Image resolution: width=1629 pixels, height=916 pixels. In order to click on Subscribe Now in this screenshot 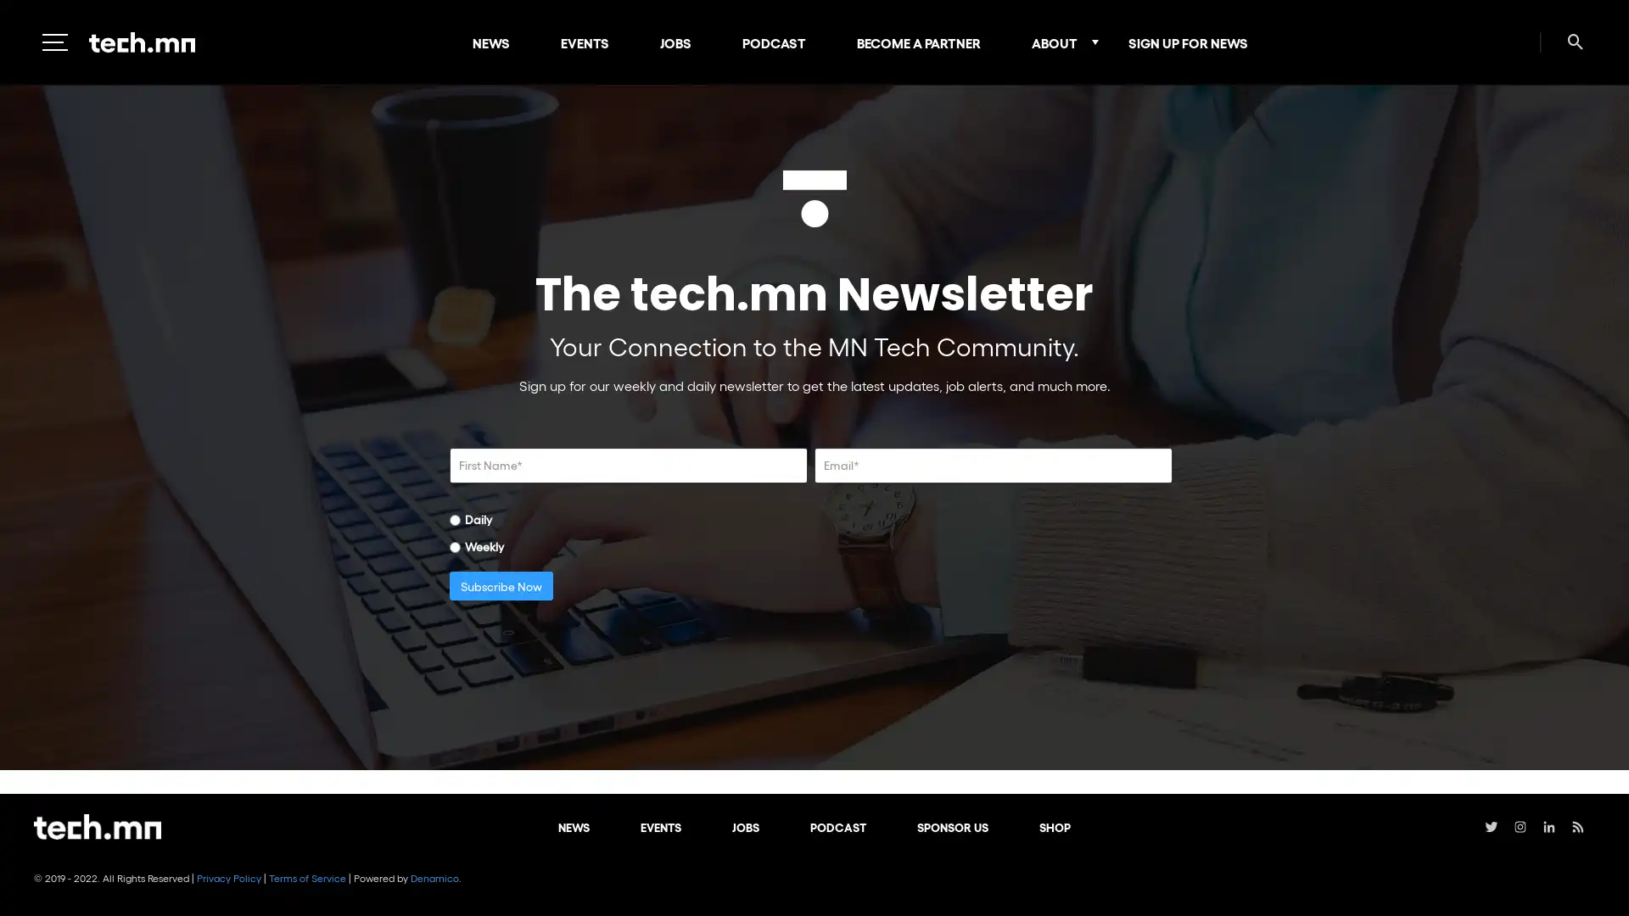, I will do `click(500, 584)`.